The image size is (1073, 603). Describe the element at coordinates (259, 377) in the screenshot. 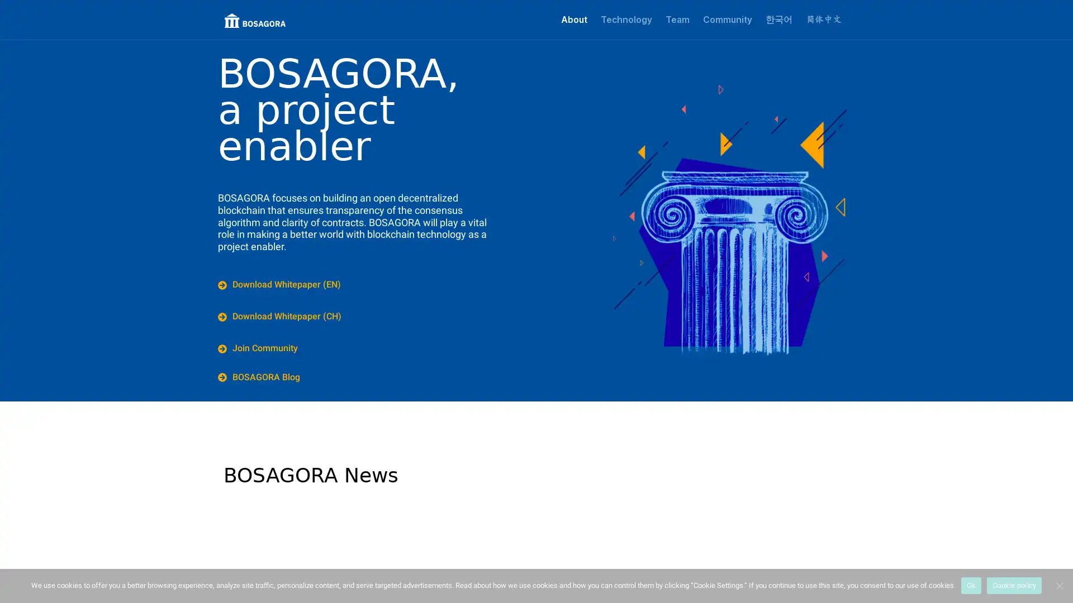

I see `BOSAGORA Blog` at that location.